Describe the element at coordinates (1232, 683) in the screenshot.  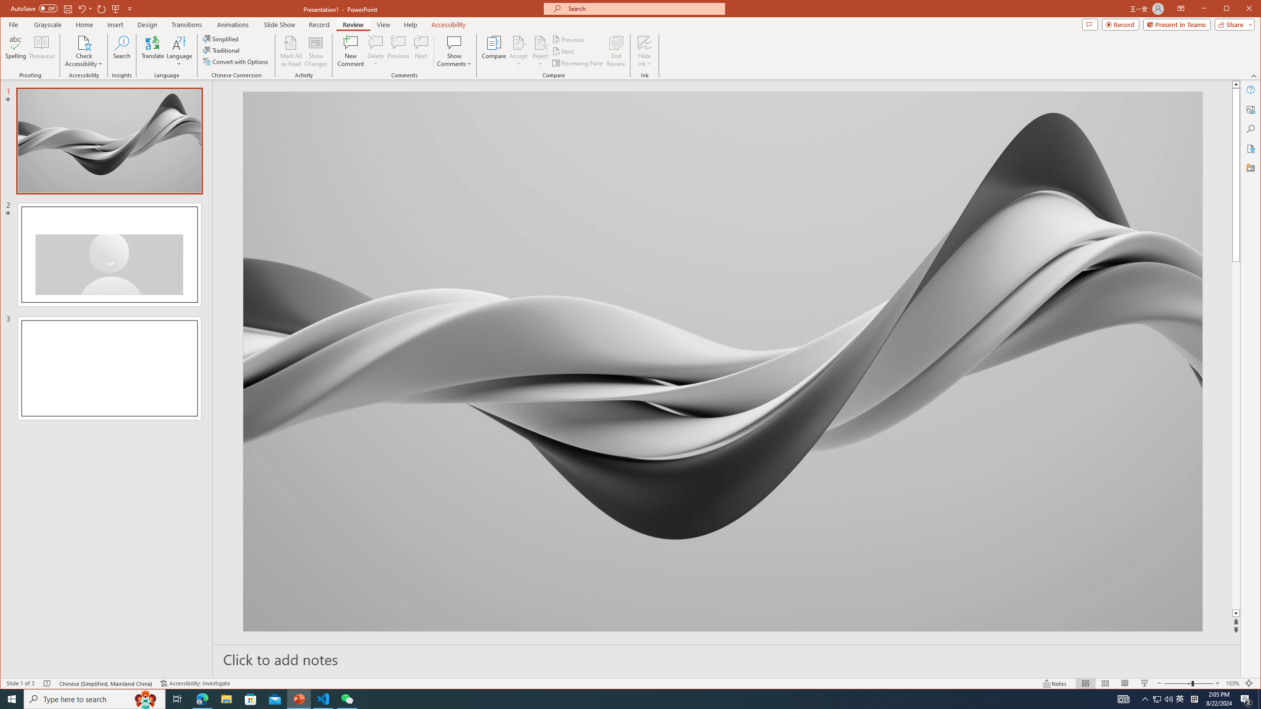
I see `'Zoom 153%'` at that location.